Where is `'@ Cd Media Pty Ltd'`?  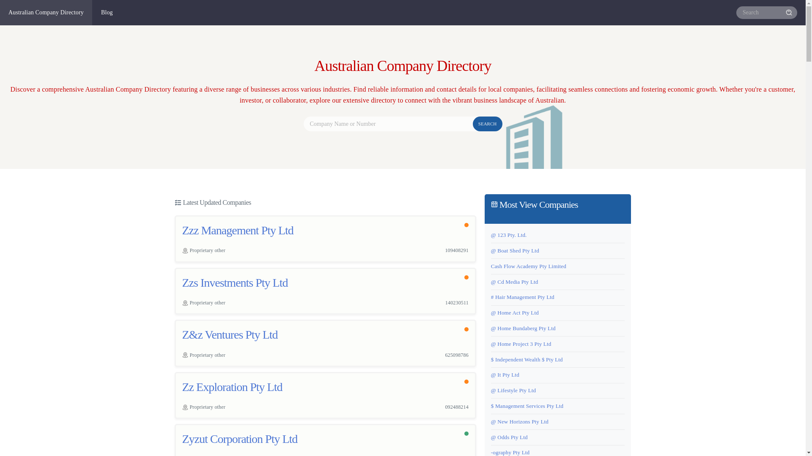
'@ Cd Media Pty Ltd' is located at coordinates (491, 282).